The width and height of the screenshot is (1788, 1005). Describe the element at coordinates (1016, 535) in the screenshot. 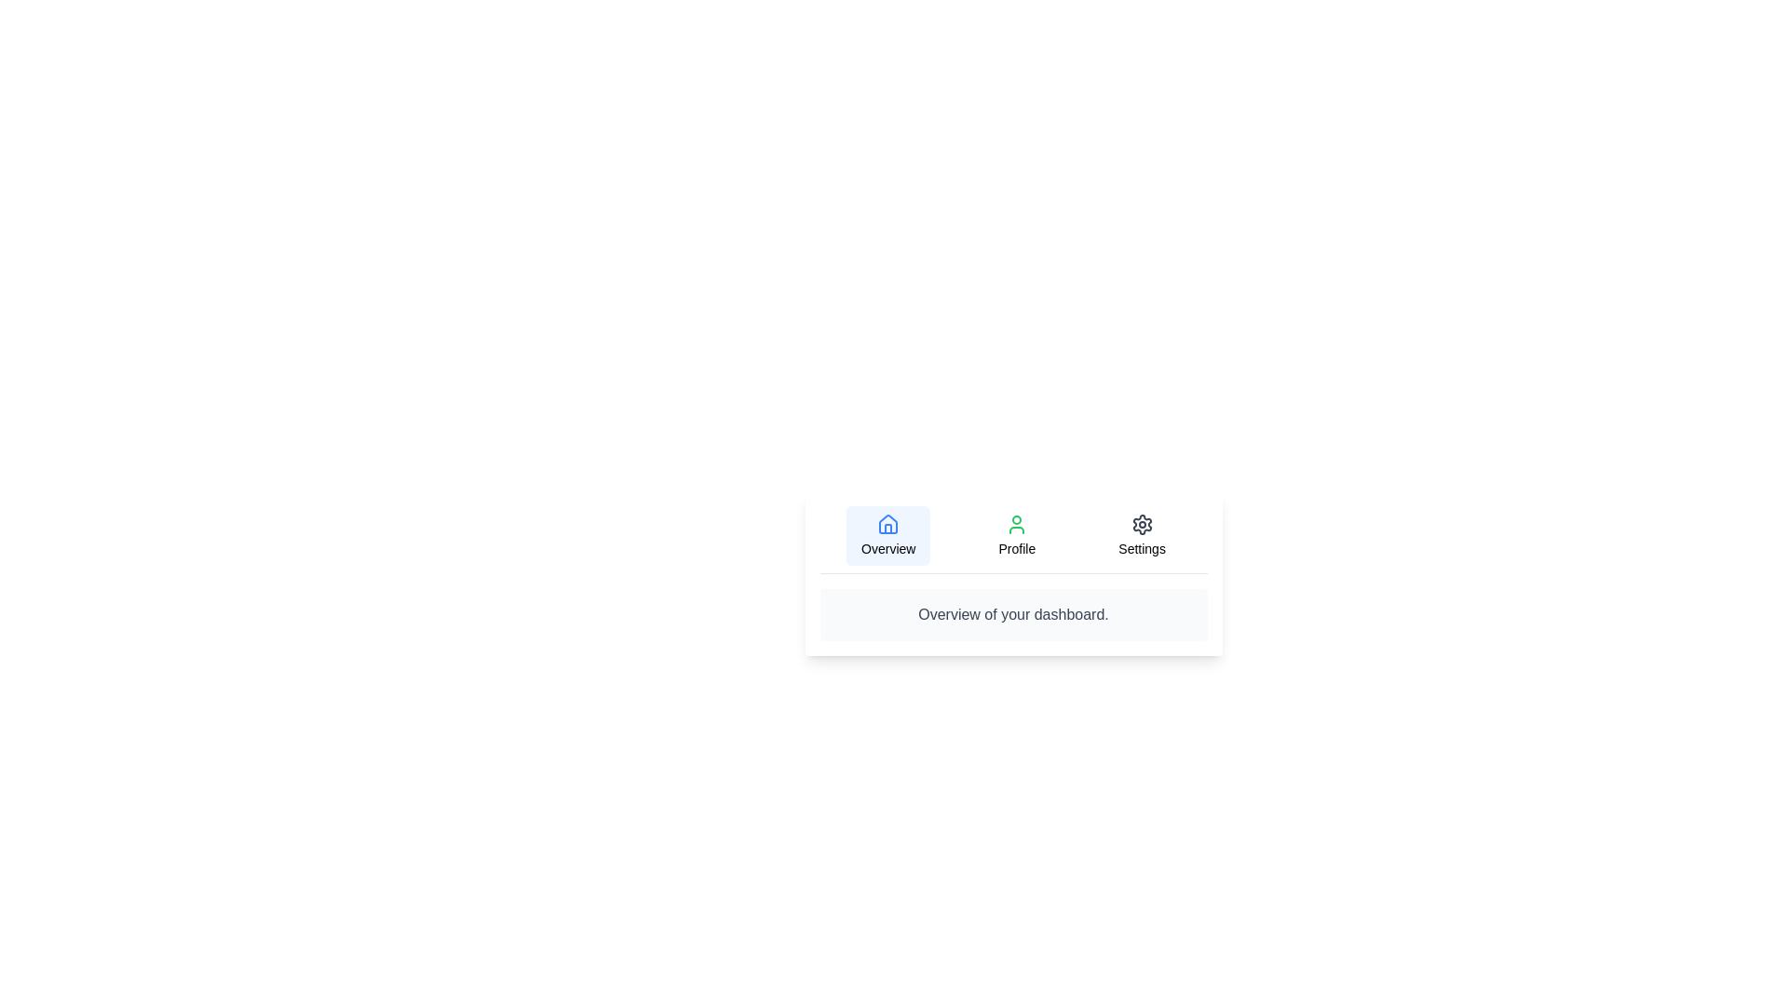

I see `the text portion labeled Profile to select it` at that location.